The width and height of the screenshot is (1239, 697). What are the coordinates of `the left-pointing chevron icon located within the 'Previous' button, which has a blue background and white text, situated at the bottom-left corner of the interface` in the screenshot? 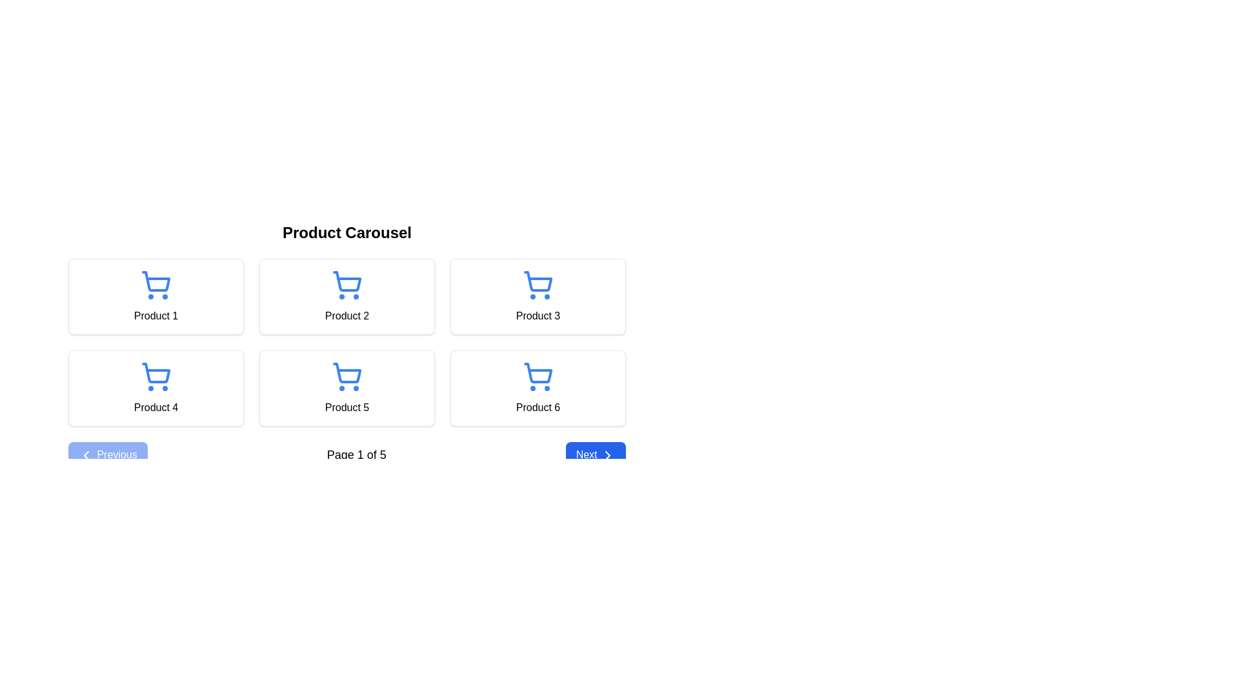 It's located at (86, 454).